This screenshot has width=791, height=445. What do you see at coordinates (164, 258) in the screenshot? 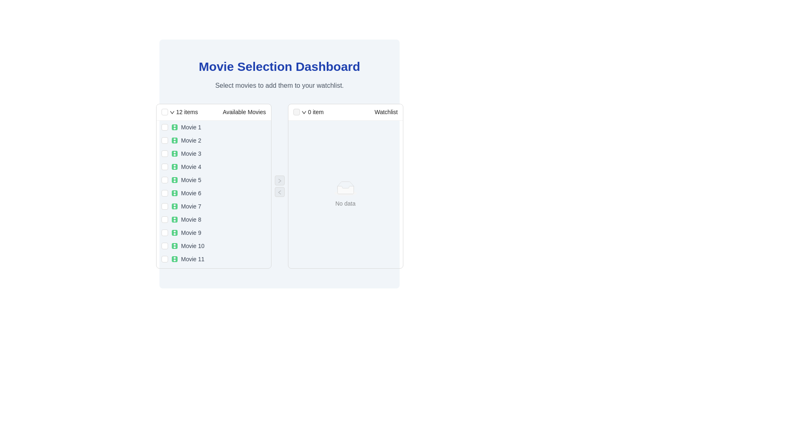
I see `the checkbox for 'Movie 11' in the 'Available Movies' list to trigger a visual focus effect` at bounding box center [164, 258].